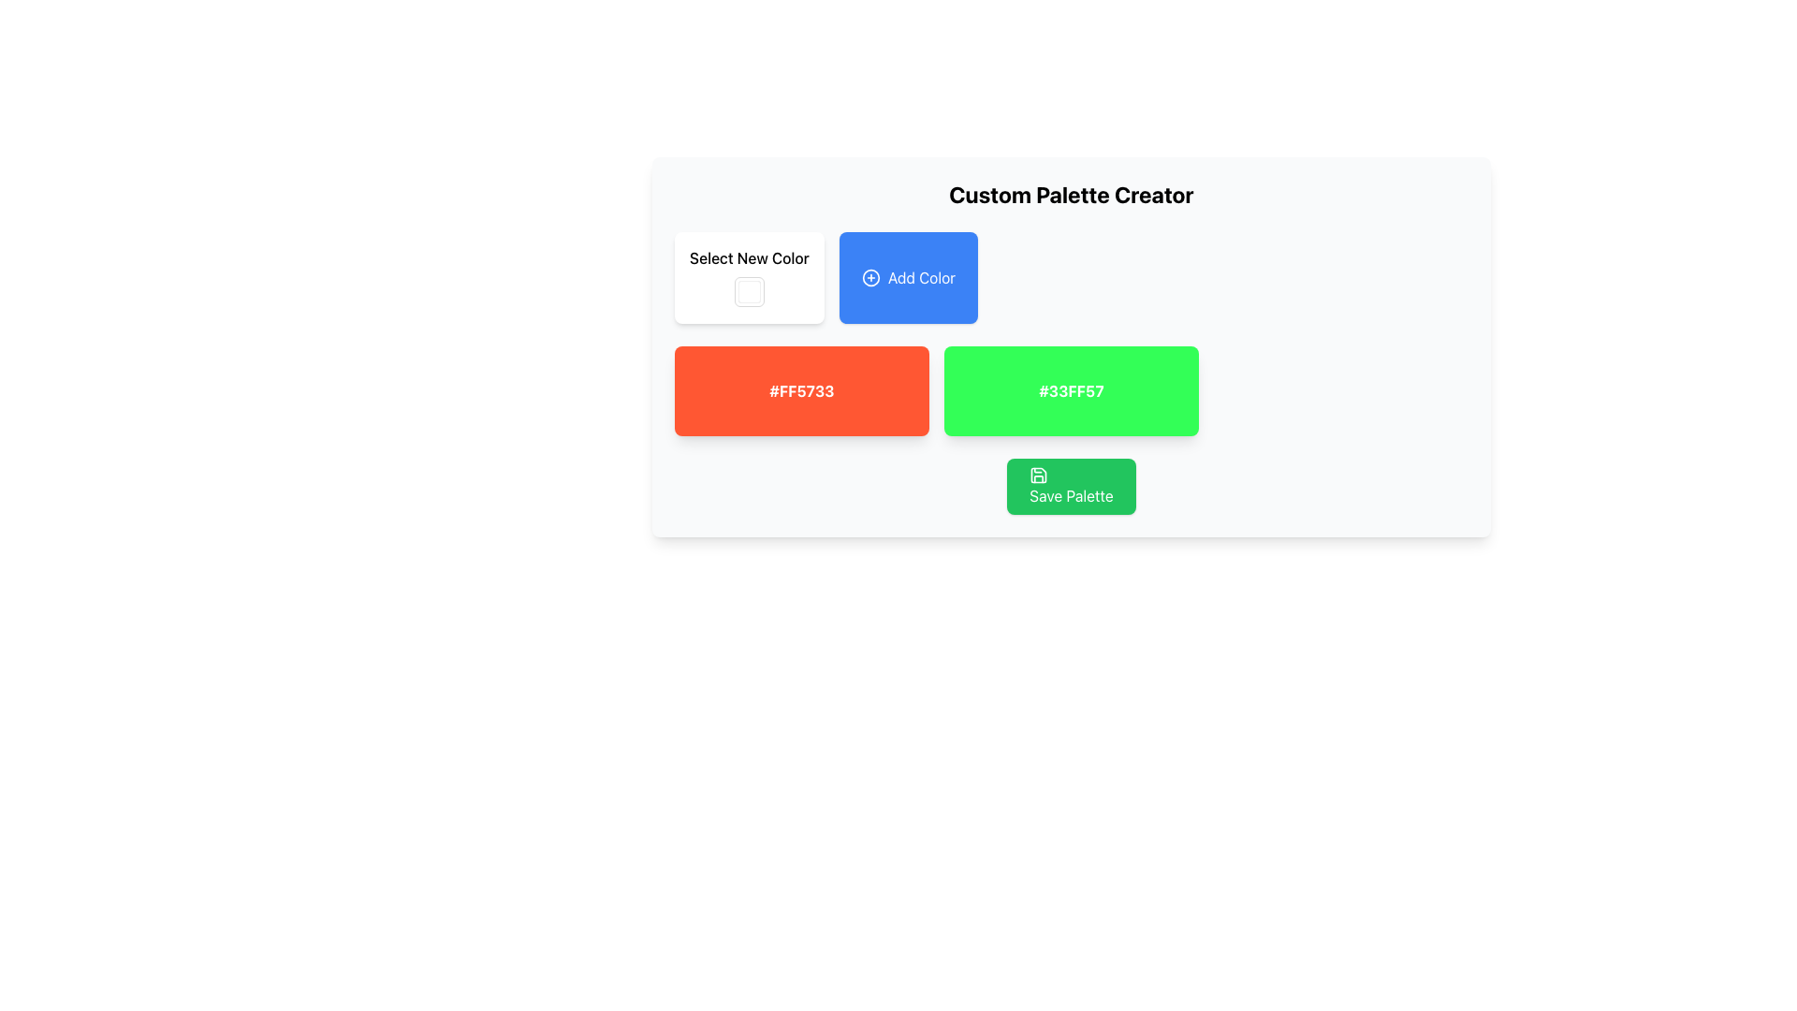  I want to click on the text label displaying '#FF5733' in bold white font on a red background, located near the bottom-left quadrant of the interface, so click(802, 389).